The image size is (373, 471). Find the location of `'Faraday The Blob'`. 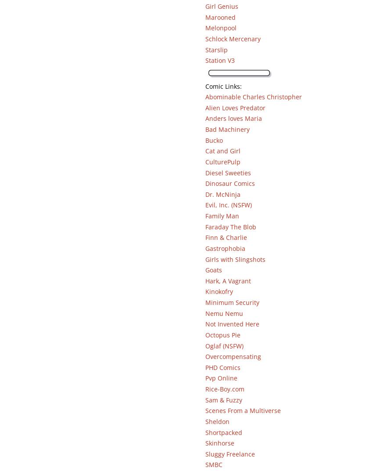

'Faraday The Blob' is located at coordinates (204, 226).